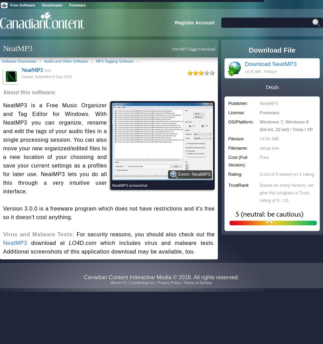  I want to click on 'Rating:', so click(235, 174).